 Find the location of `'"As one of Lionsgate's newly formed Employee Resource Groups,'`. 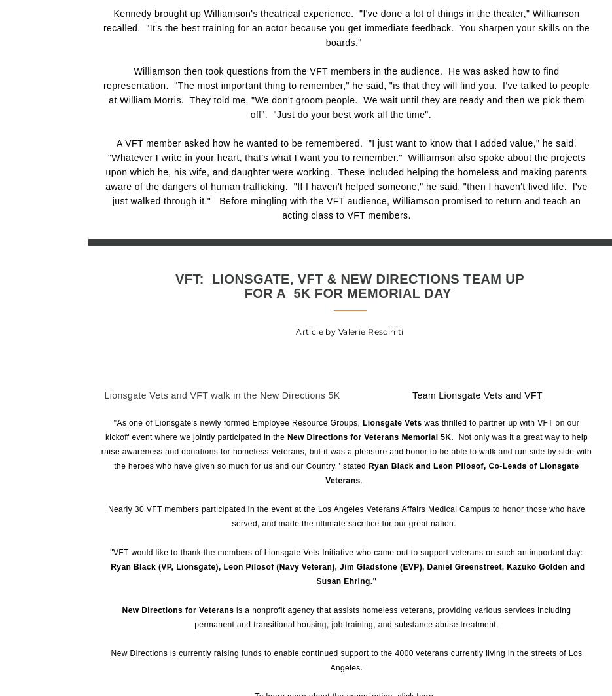

'"As one of Lionsgate's newly formed Employee Resource Groups,' is located at coordinates (236, 422).